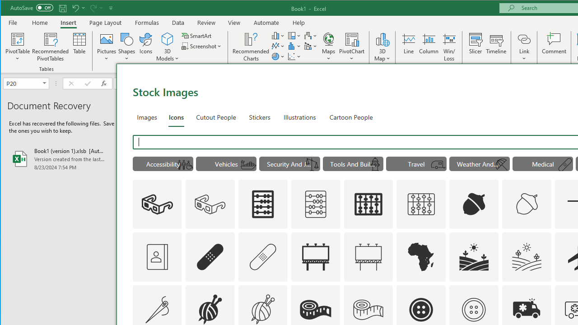  What do you see at coordinates (473, 256) in the screenshot?
I see `'AutomationID: Icons_Agriculture'` at bounding box center [473, 256].